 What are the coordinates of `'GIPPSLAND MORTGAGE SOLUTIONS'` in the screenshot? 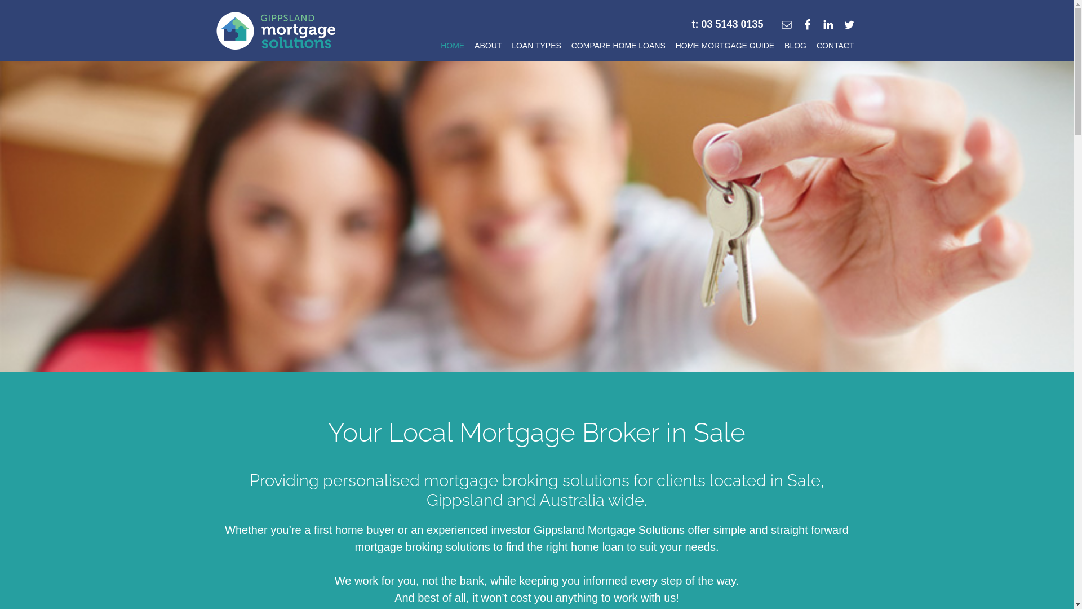 It's located at (276, 30).